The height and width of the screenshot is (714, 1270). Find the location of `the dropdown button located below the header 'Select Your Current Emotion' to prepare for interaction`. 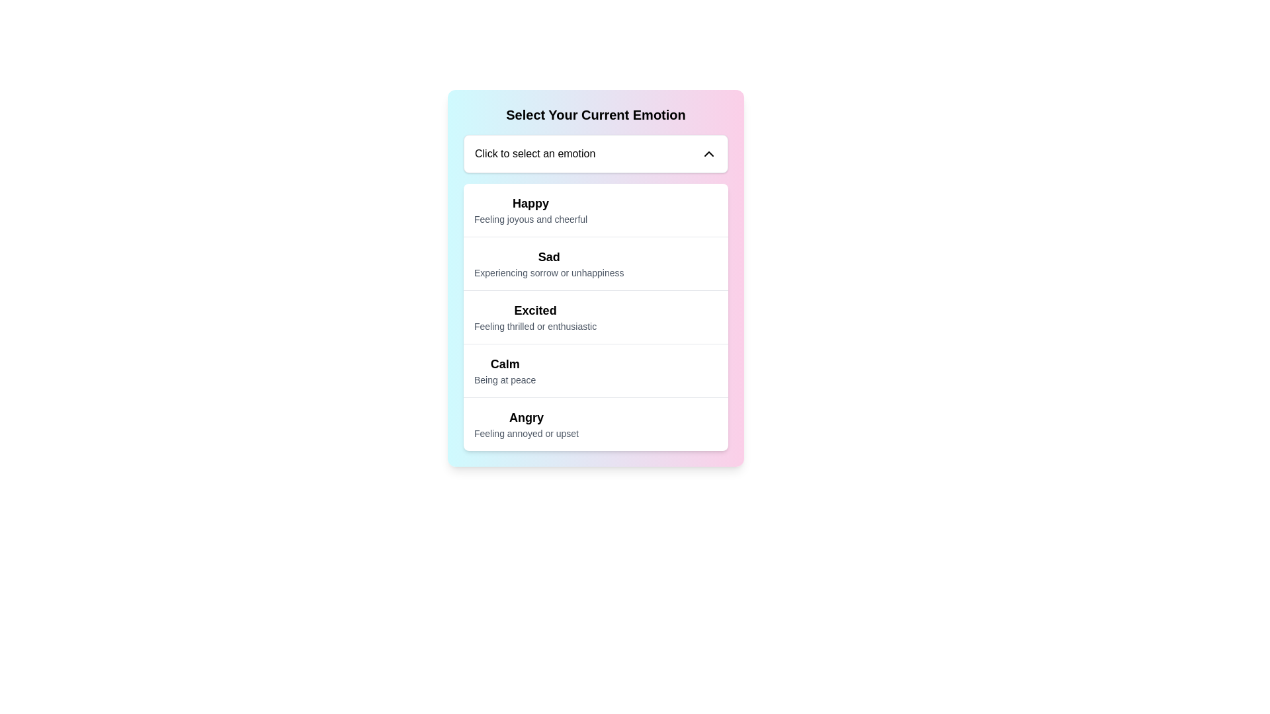

the dropdown button located below the header 'Select Your Current Emotion' to prepare for interaction is located at coordinates (595, 153).